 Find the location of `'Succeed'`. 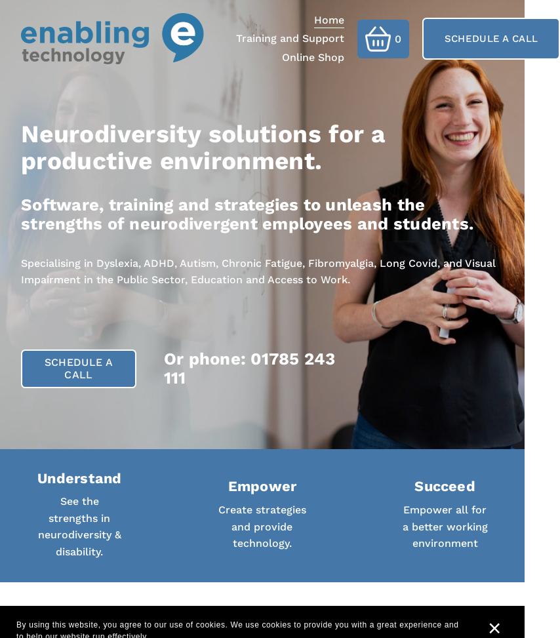

'Succeed' is located at coordinates (443, 486).